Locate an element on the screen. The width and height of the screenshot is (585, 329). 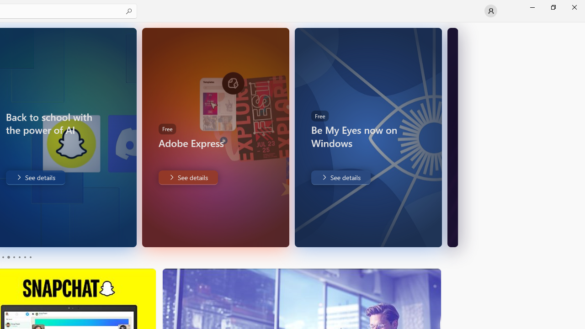
'Restore Microsoft Store' is located at coordinates (553, 7).